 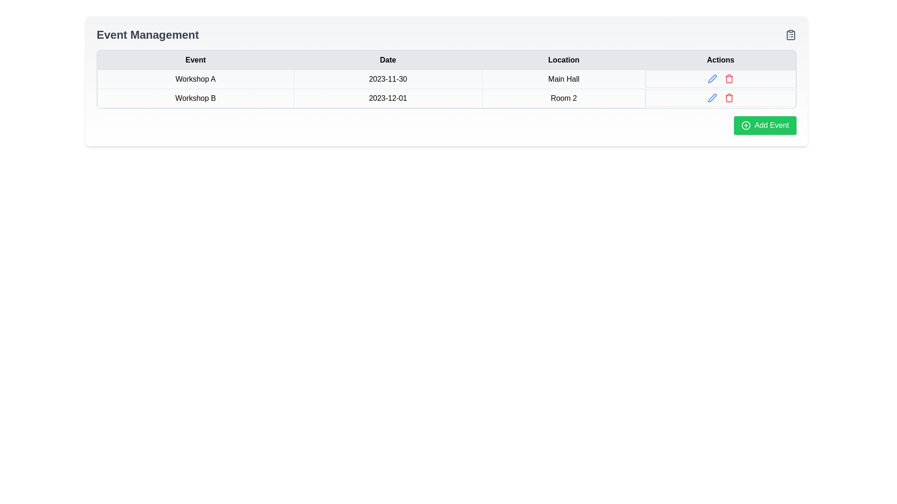 I want to click on the trash bin icon representing the delete functionality for the 'Room 2' entry in the Actions column, so click(x=728, y=98).